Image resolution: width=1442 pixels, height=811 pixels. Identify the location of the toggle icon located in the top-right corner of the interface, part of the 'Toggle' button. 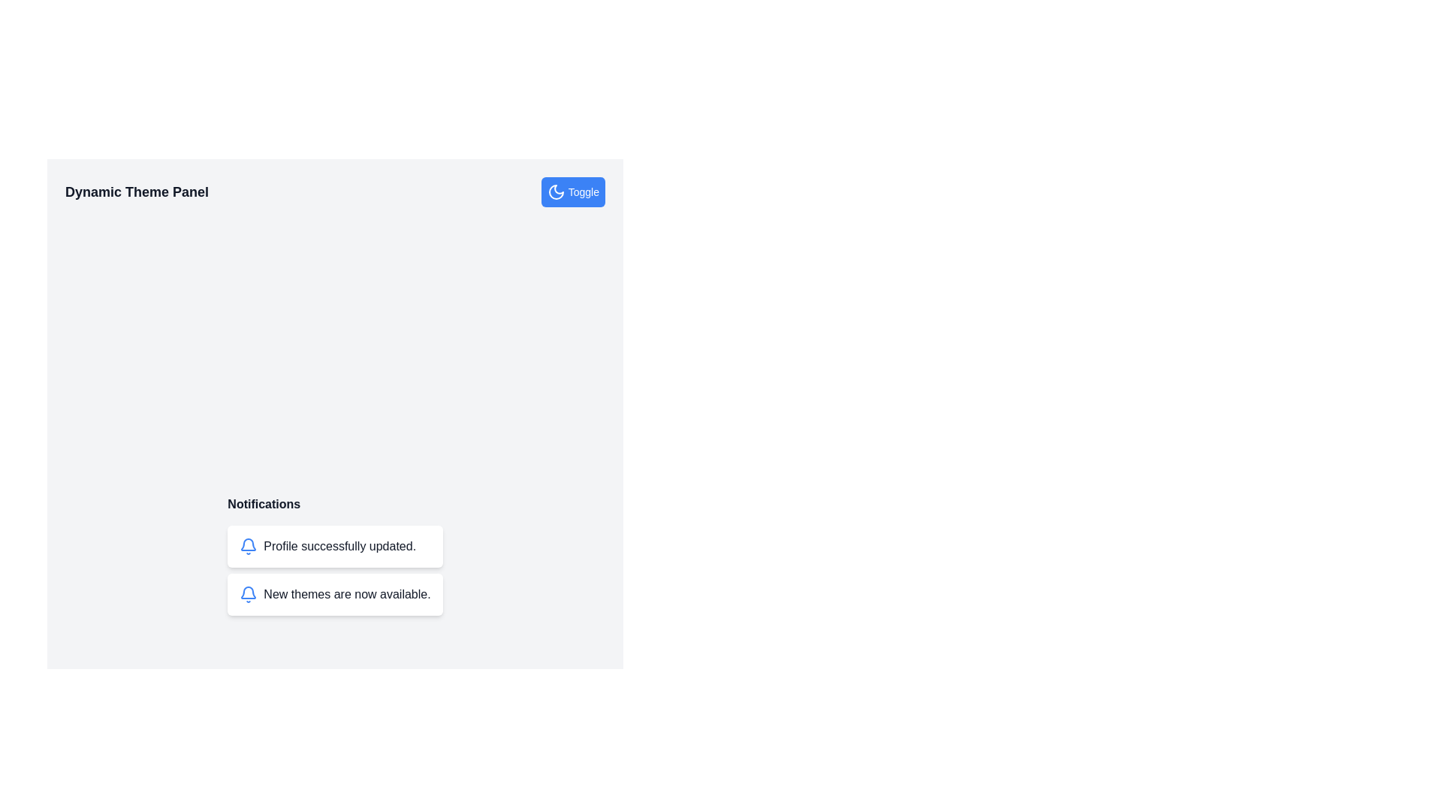
(555, 191).